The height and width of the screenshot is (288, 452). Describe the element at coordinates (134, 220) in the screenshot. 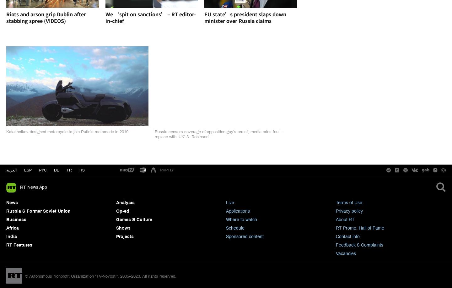

I see `'Games & Culture'` at that location.